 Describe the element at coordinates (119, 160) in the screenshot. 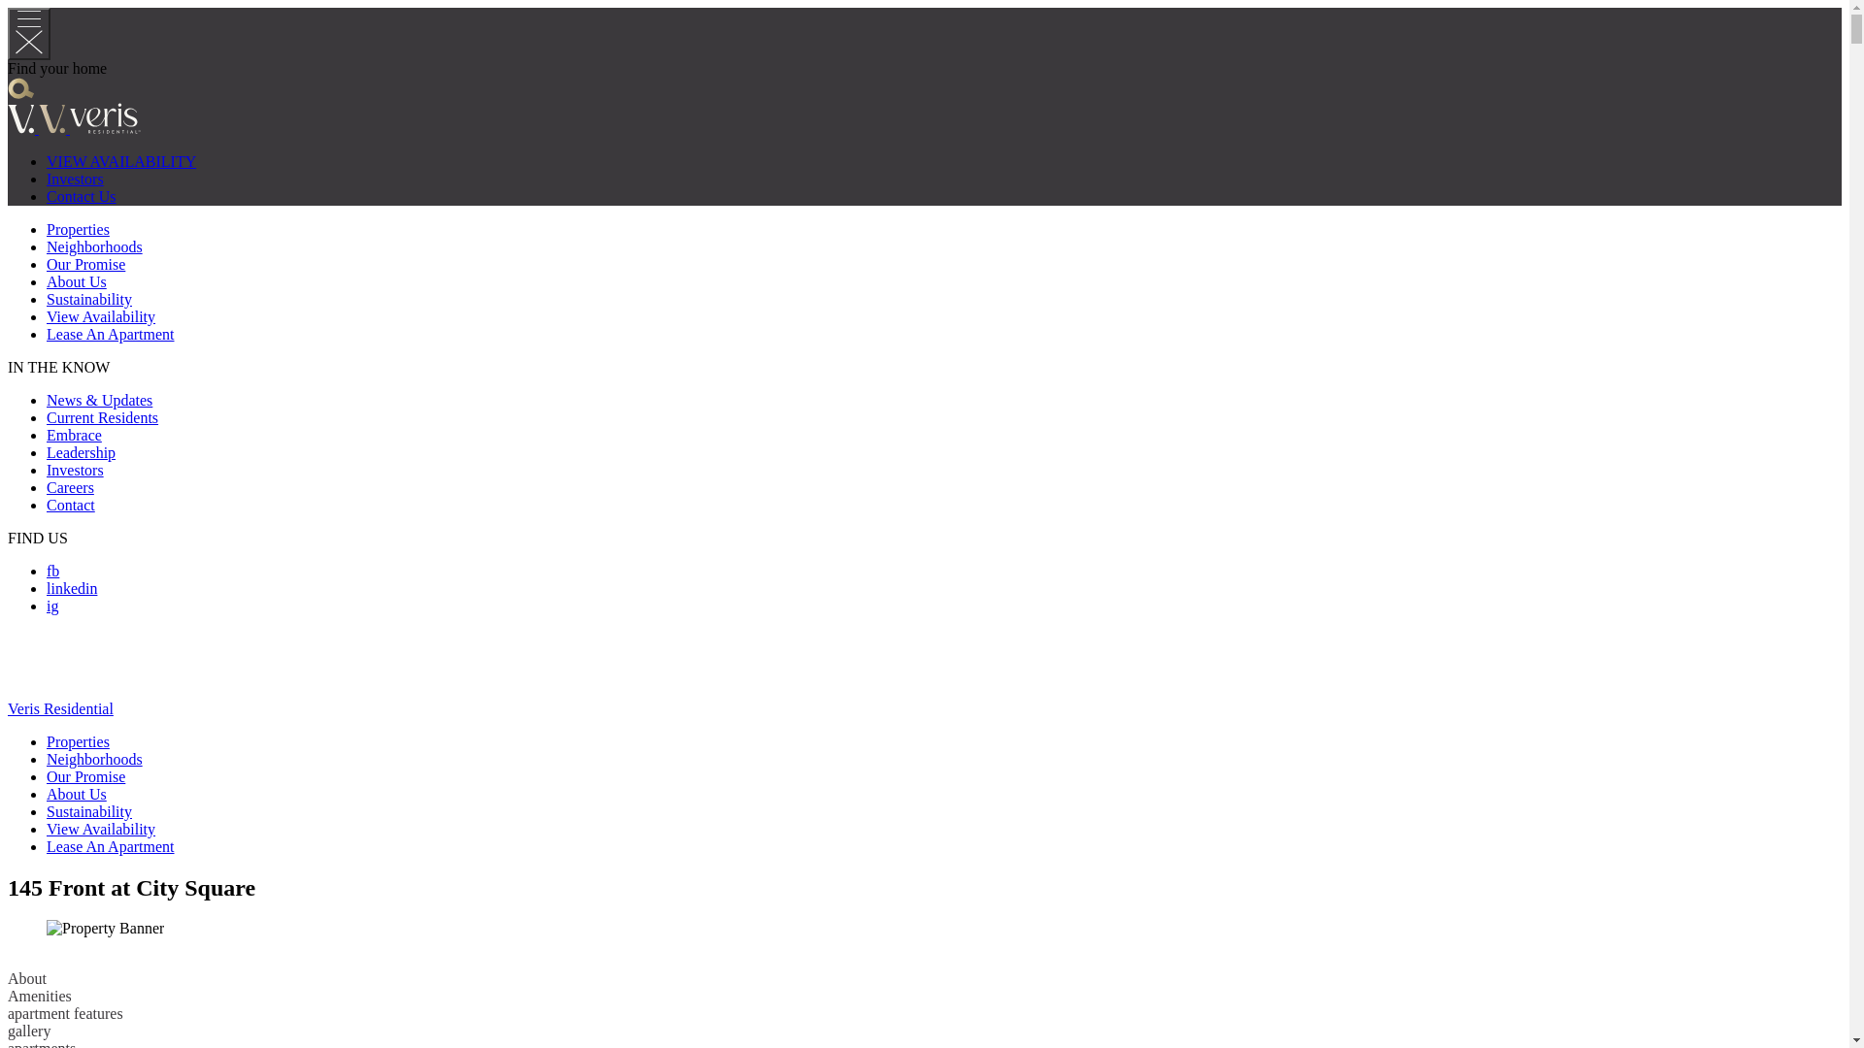

I see `'VIEW AVAILABILITY'` at that location.